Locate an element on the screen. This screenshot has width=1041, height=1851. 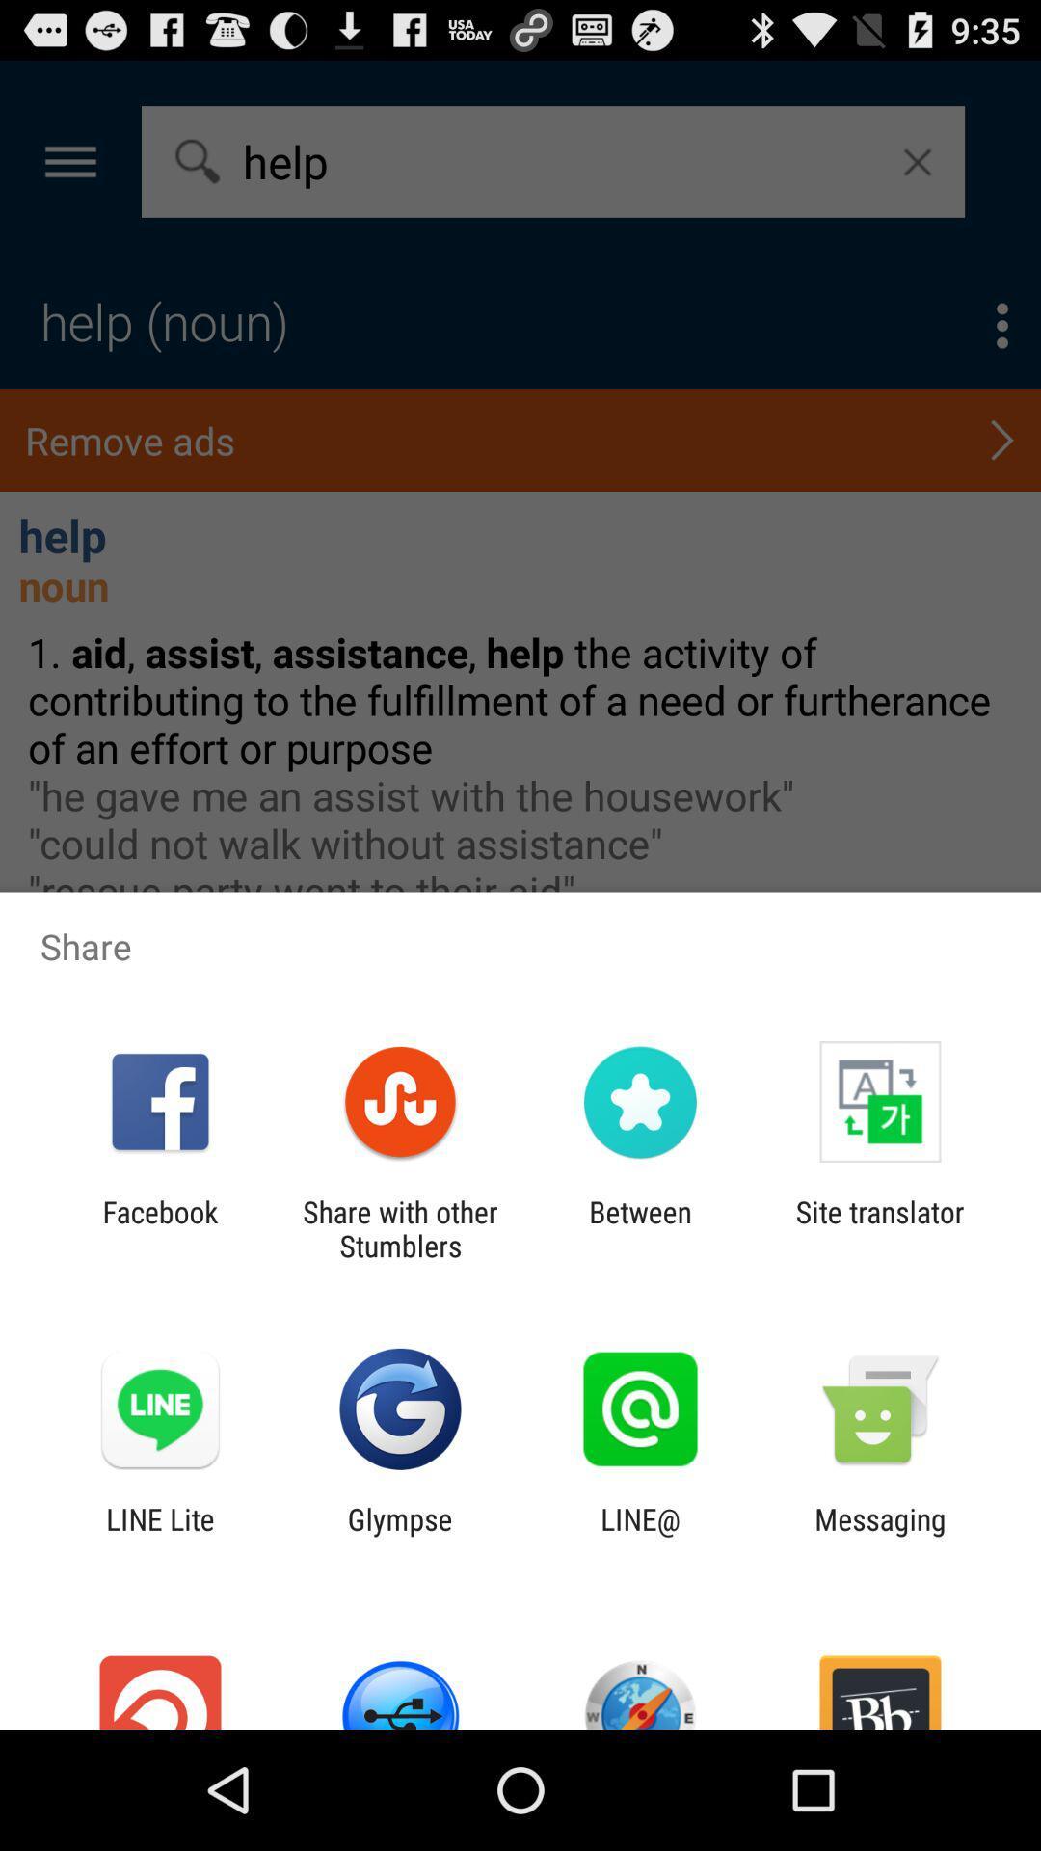
share with other app is located at coordinates (399, 1228).